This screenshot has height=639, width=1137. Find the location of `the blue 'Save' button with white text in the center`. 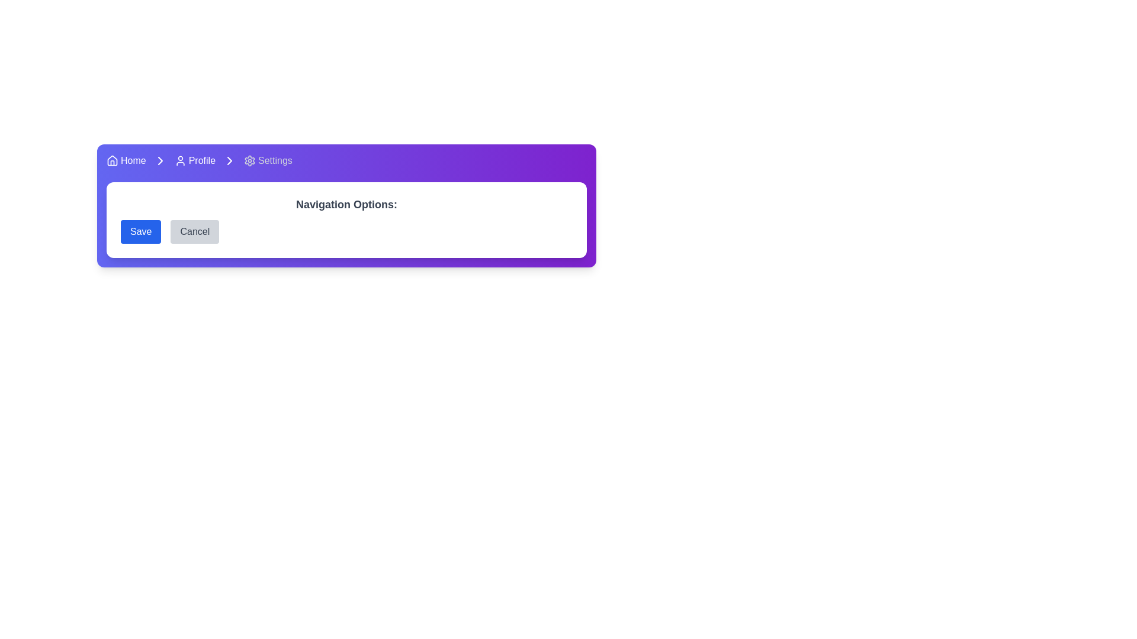

the blue 'Save' button with white text in the center is located at coordinates (141, 232).